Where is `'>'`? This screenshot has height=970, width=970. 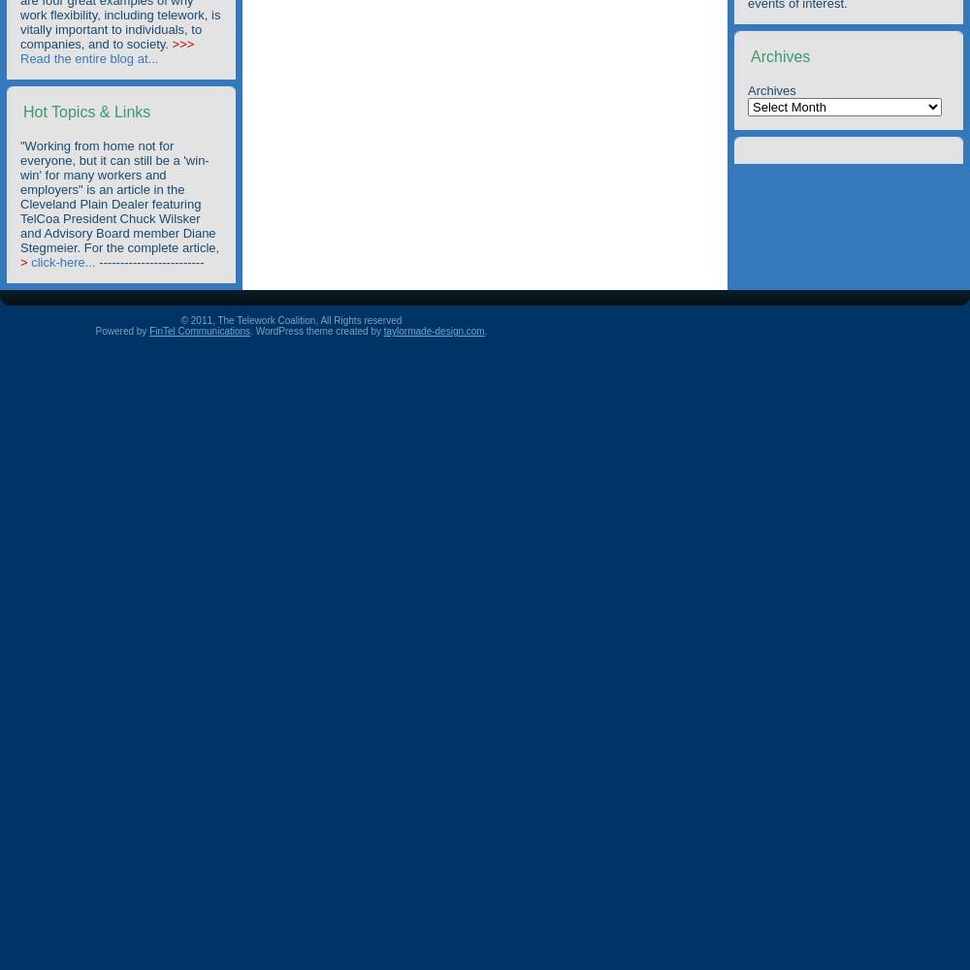 '>' is located at coordinates (20, 262).